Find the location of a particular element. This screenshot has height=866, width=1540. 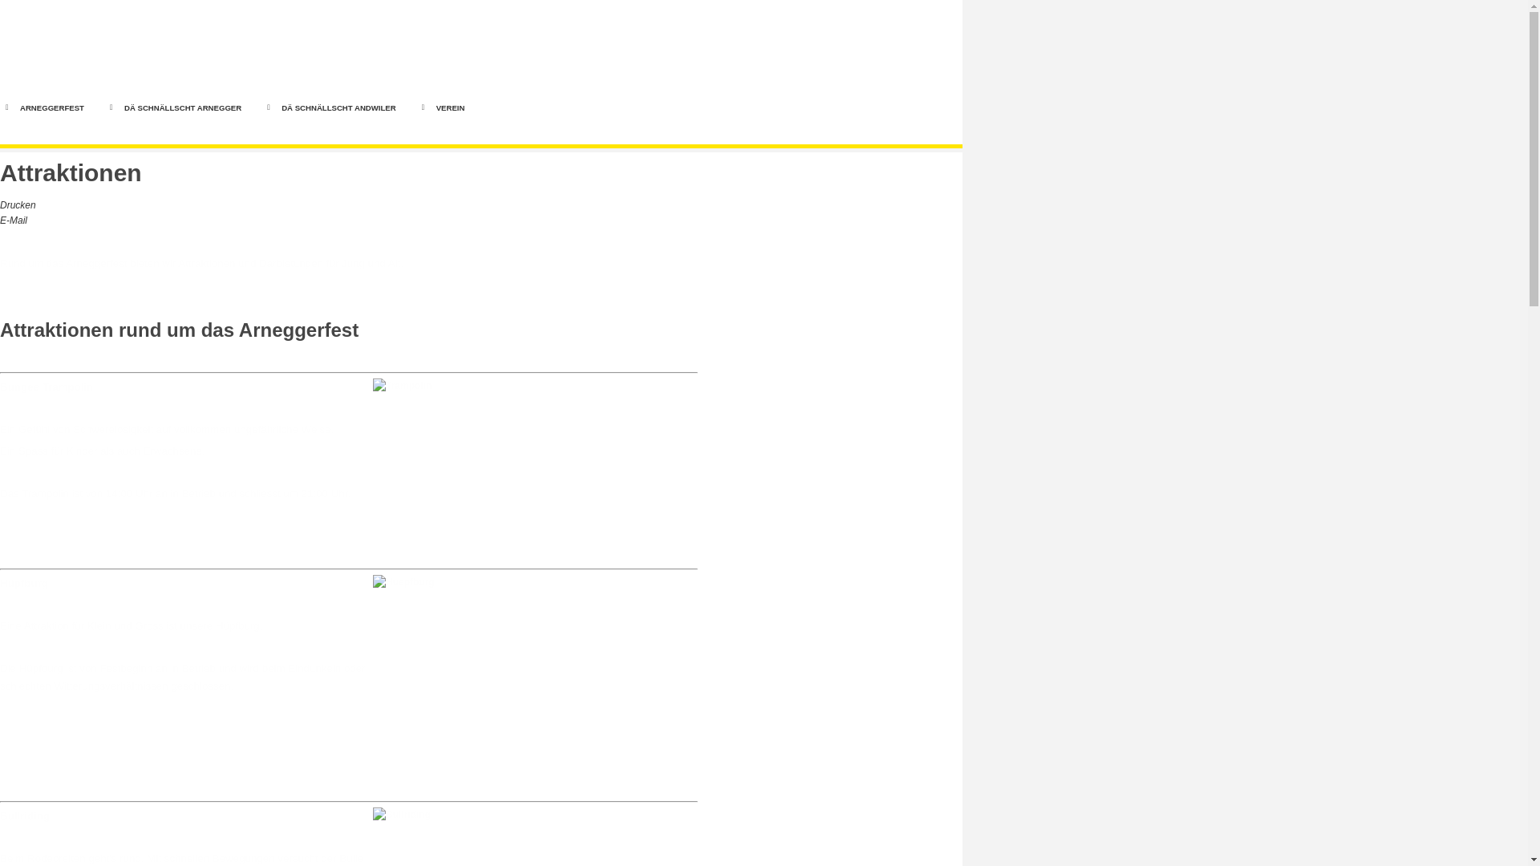

'E-Mail' is located at coordinates (14, 220).